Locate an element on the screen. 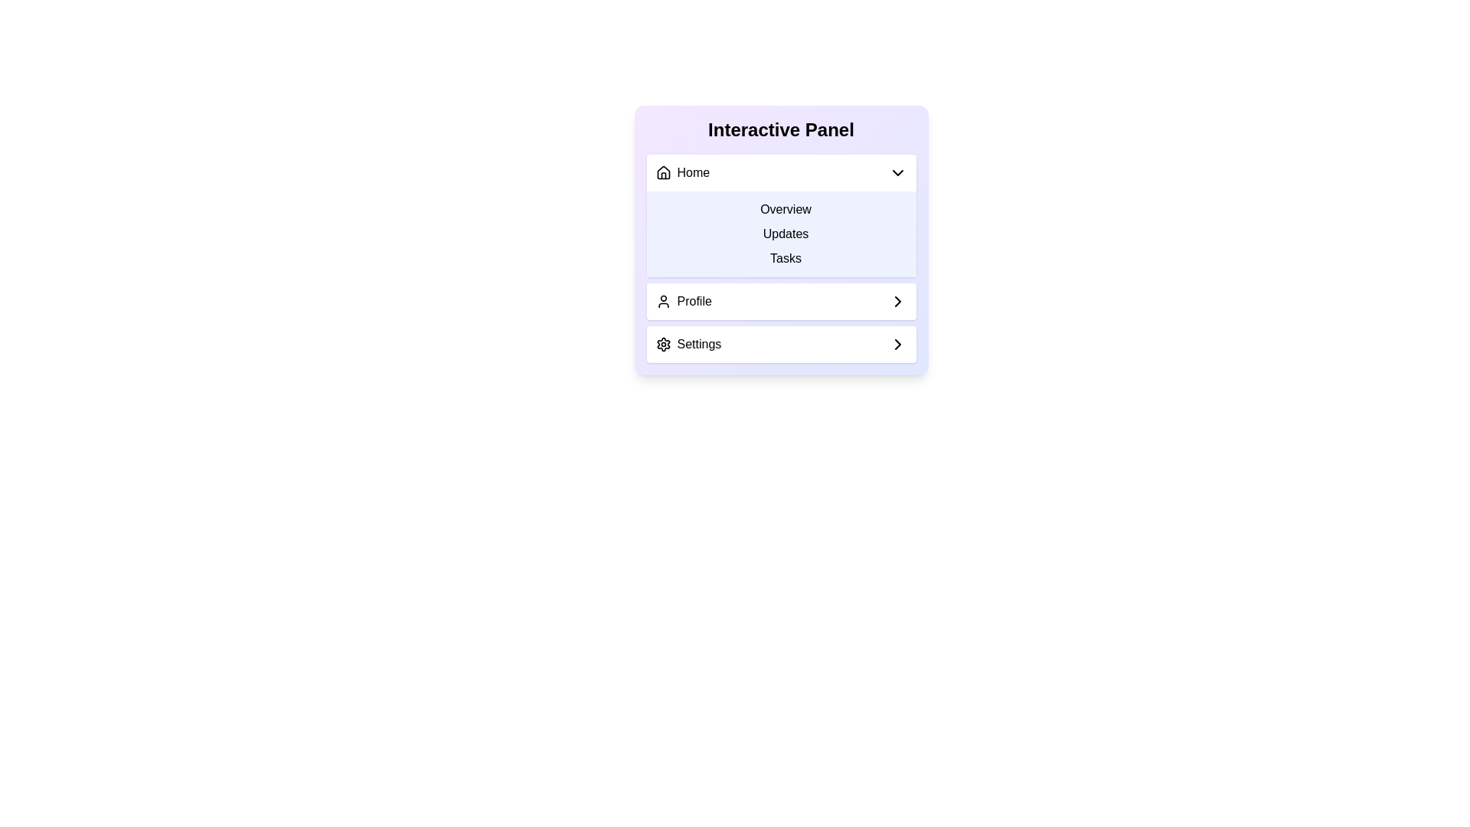 The image size is (1470, 827). on the 'Overview' text-based menu item, which is the first item in the vertical list of the 'Interactive Panel' interface is located at coordinates (786, 209).